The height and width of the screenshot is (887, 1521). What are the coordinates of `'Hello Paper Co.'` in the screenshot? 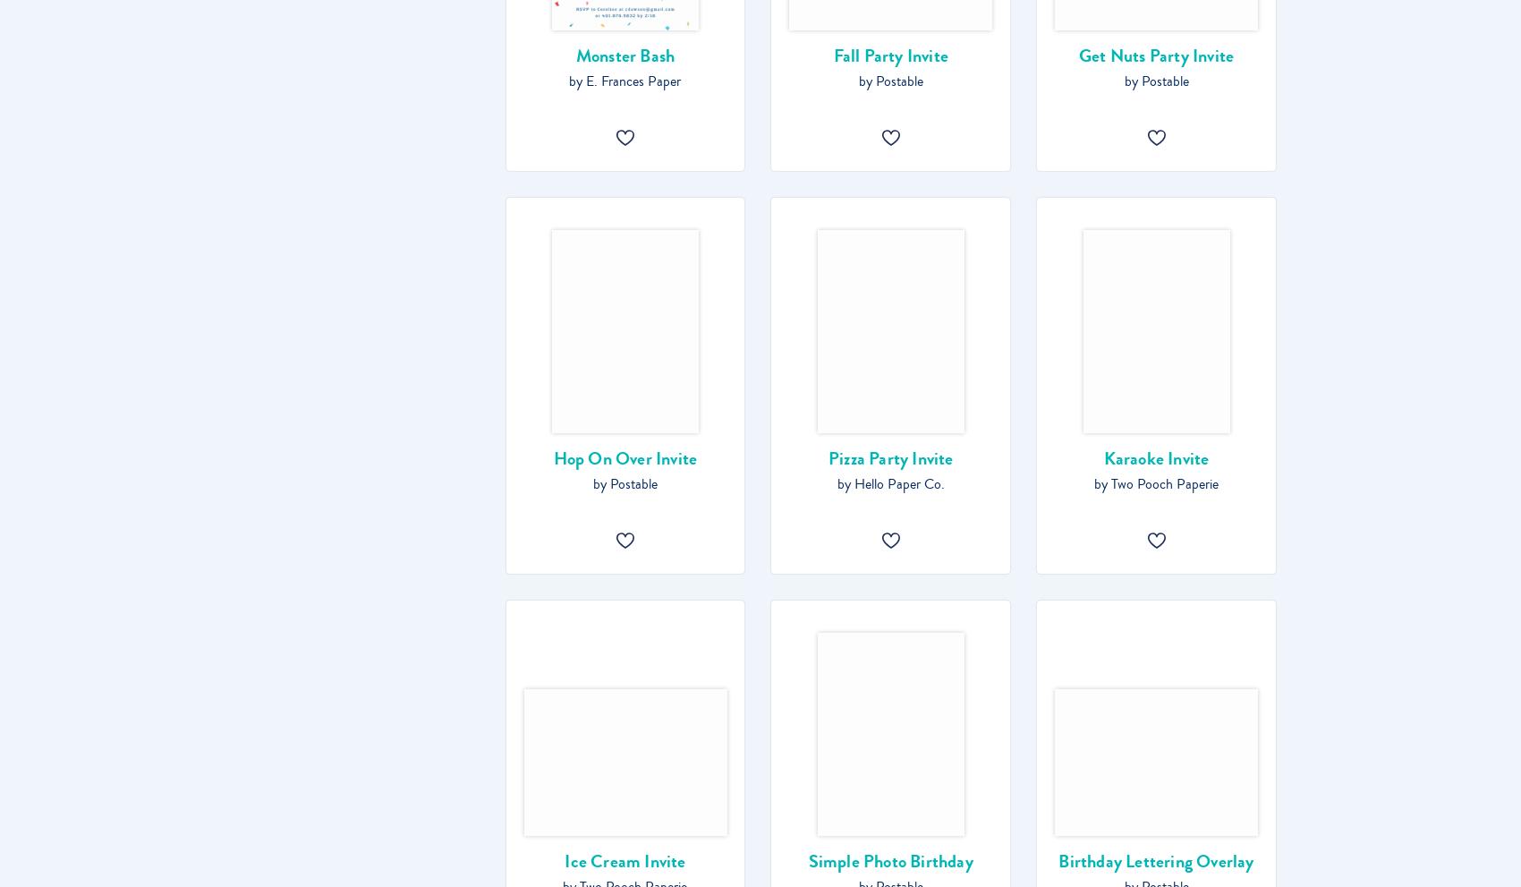 It's located at (897, 483).